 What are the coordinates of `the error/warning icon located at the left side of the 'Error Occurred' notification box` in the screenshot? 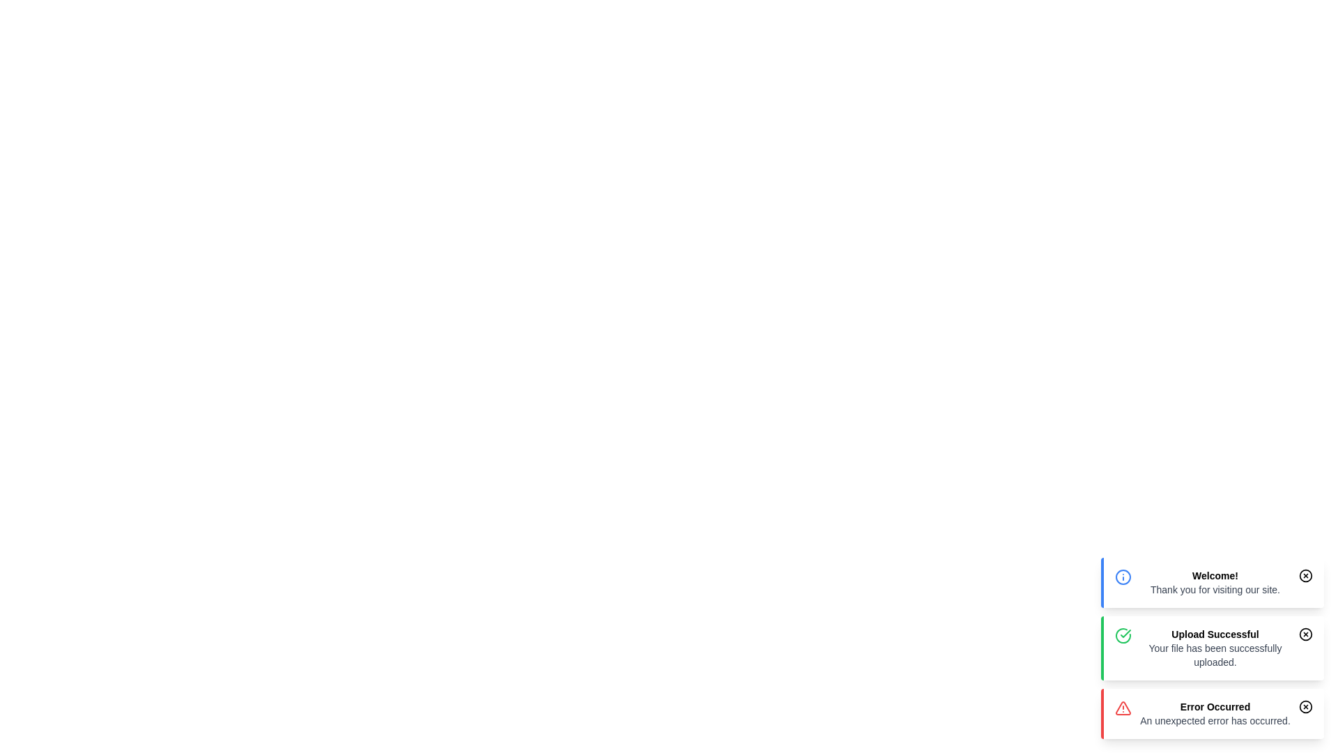 It's located at (1123, 708).